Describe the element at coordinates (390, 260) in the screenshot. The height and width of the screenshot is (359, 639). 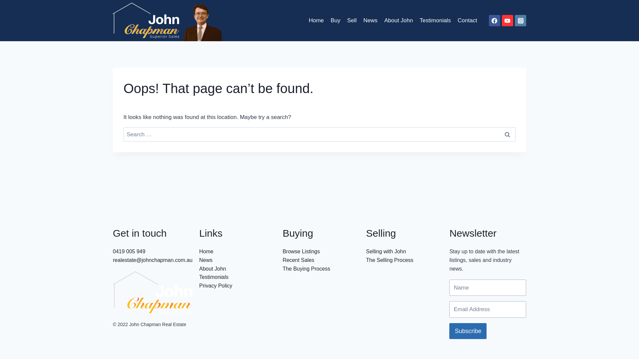
I see `'The Selling Process'` at that location.